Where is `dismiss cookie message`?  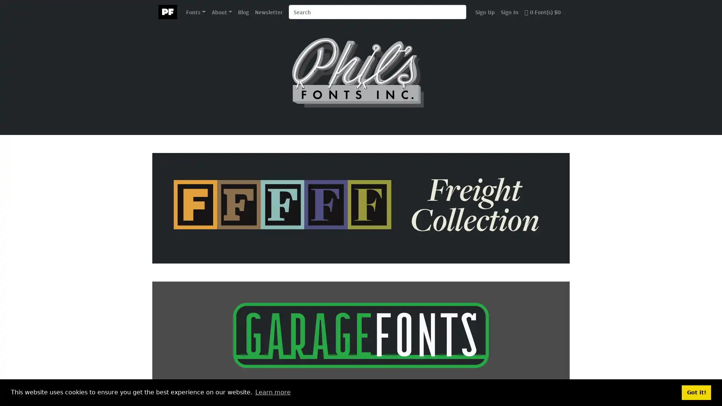
dismiss cookie message is located at coordinates (696, 392).